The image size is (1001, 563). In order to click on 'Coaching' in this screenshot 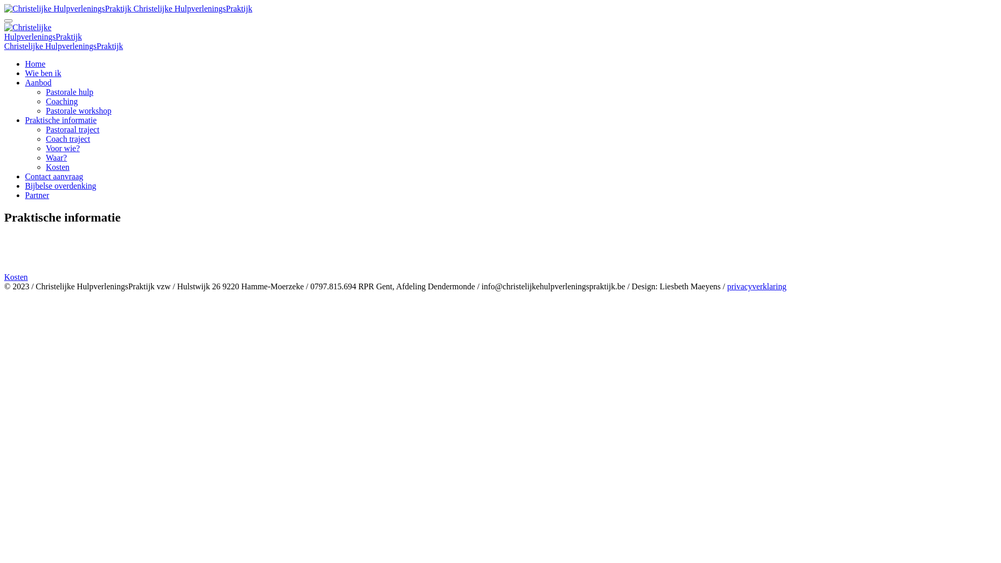, I will do `click(61, 101)`.